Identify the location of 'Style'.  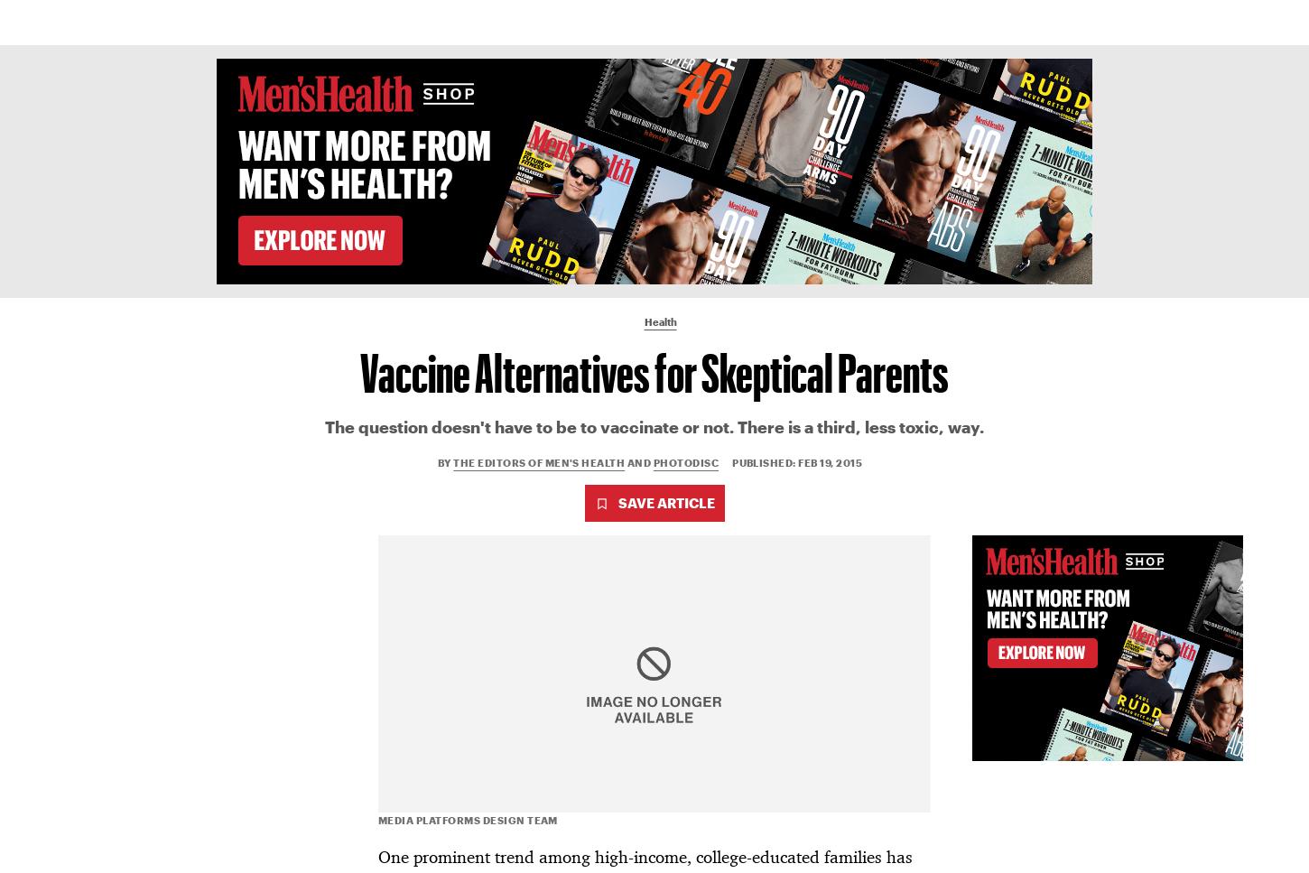
(602, 21).